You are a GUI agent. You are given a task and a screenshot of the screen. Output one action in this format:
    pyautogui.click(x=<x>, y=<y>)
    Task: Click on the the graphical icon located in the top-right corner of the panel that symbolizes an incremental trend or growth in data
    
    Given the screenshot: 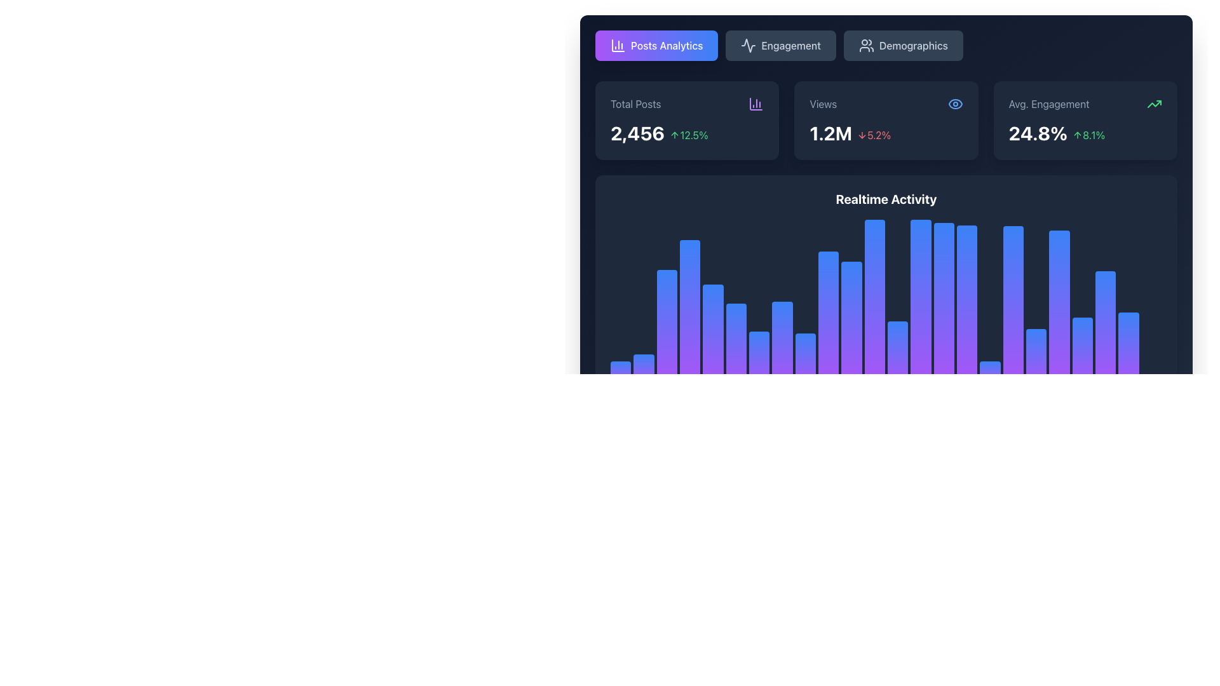 What is the action you would take?
    pyautogui.click(x=1155, y=104)
    